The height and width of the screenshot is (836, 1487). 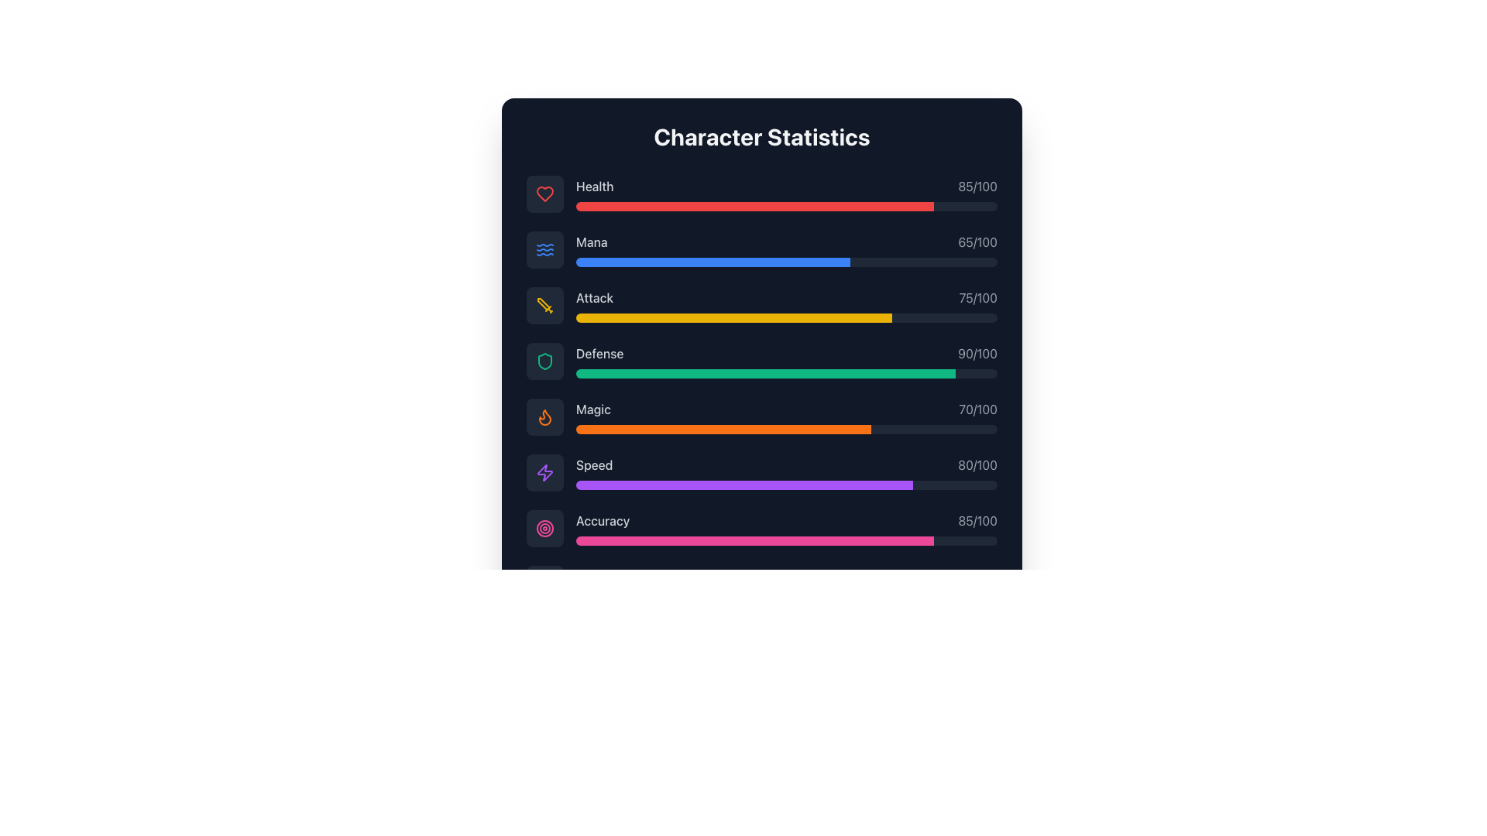 What do you see at coordinates (545, 193) in the screenshot?
I see `the first icon representing 'Health' in the statistics list` at bounding box center [545, 193].